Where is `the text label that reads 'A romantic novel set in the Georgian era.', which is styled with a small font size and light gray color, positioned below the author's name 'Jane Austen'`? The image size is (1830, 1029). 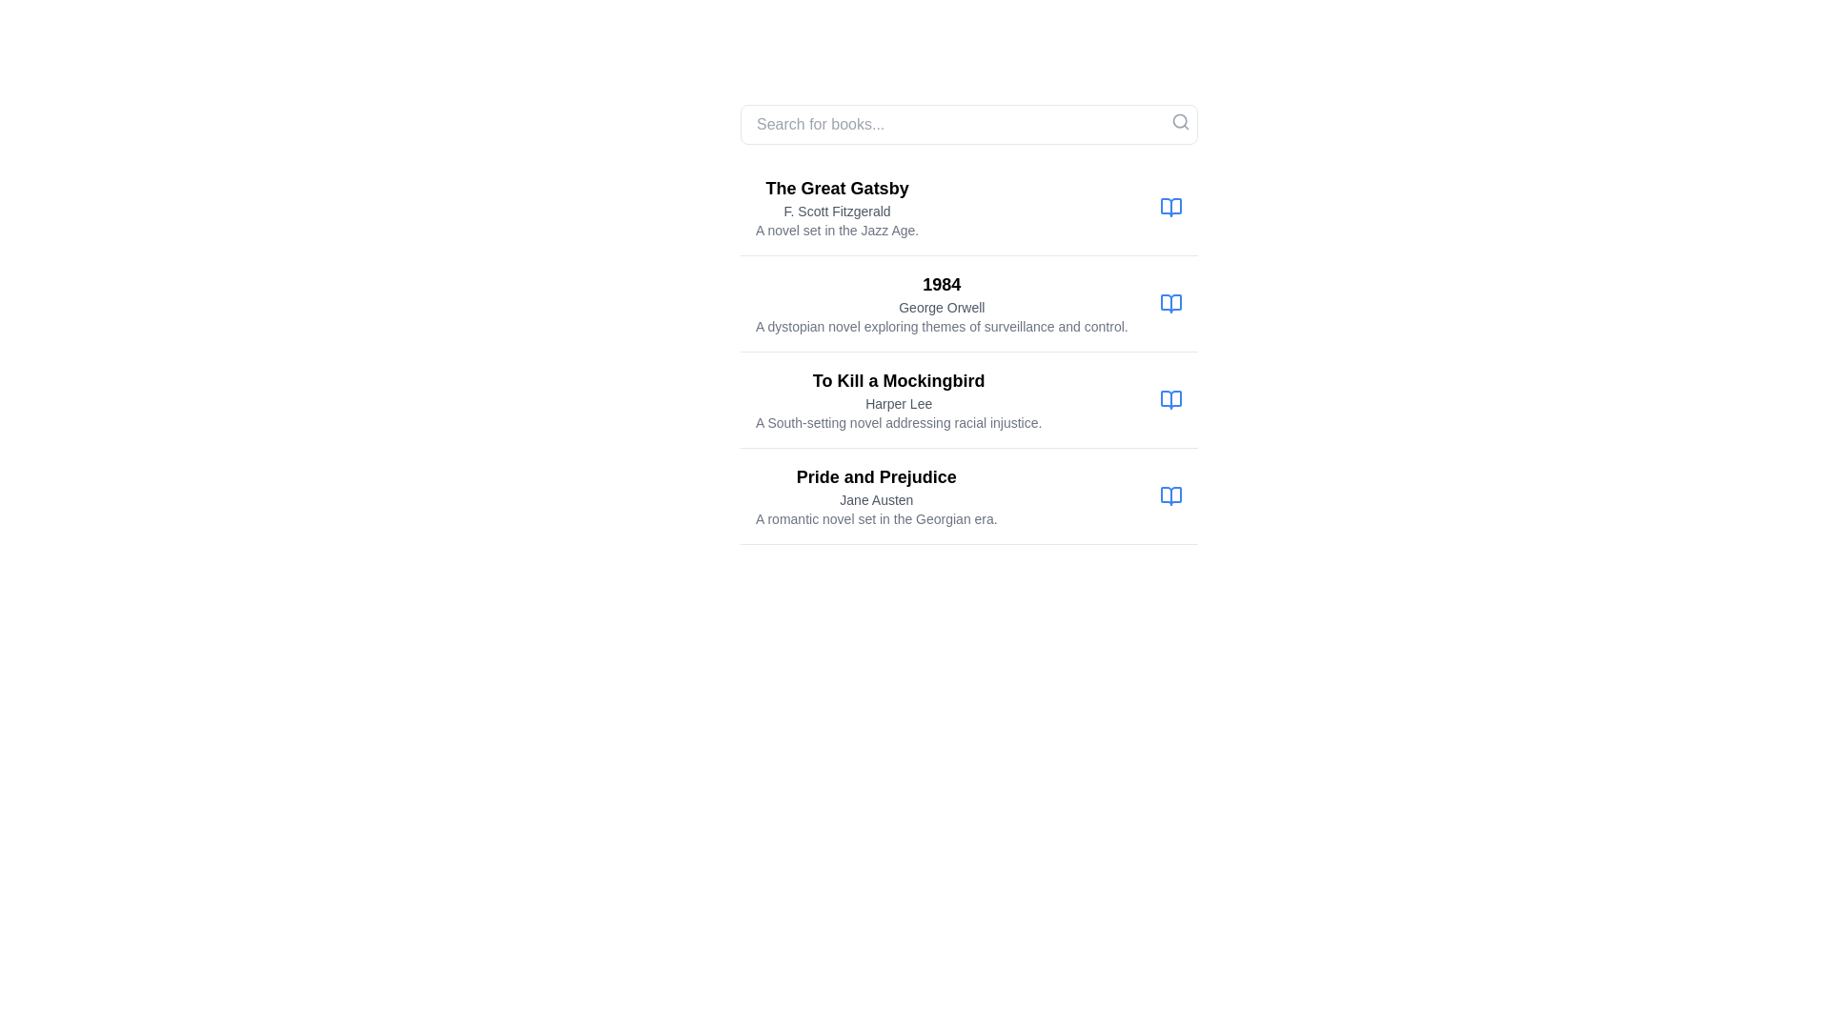 the text label that reads 'A romantic novel set in the Georgian era.', which is styled with a small font size and light gray color, positioned below the author's name 'Jane Austen' is located at coordinates (875, 518).